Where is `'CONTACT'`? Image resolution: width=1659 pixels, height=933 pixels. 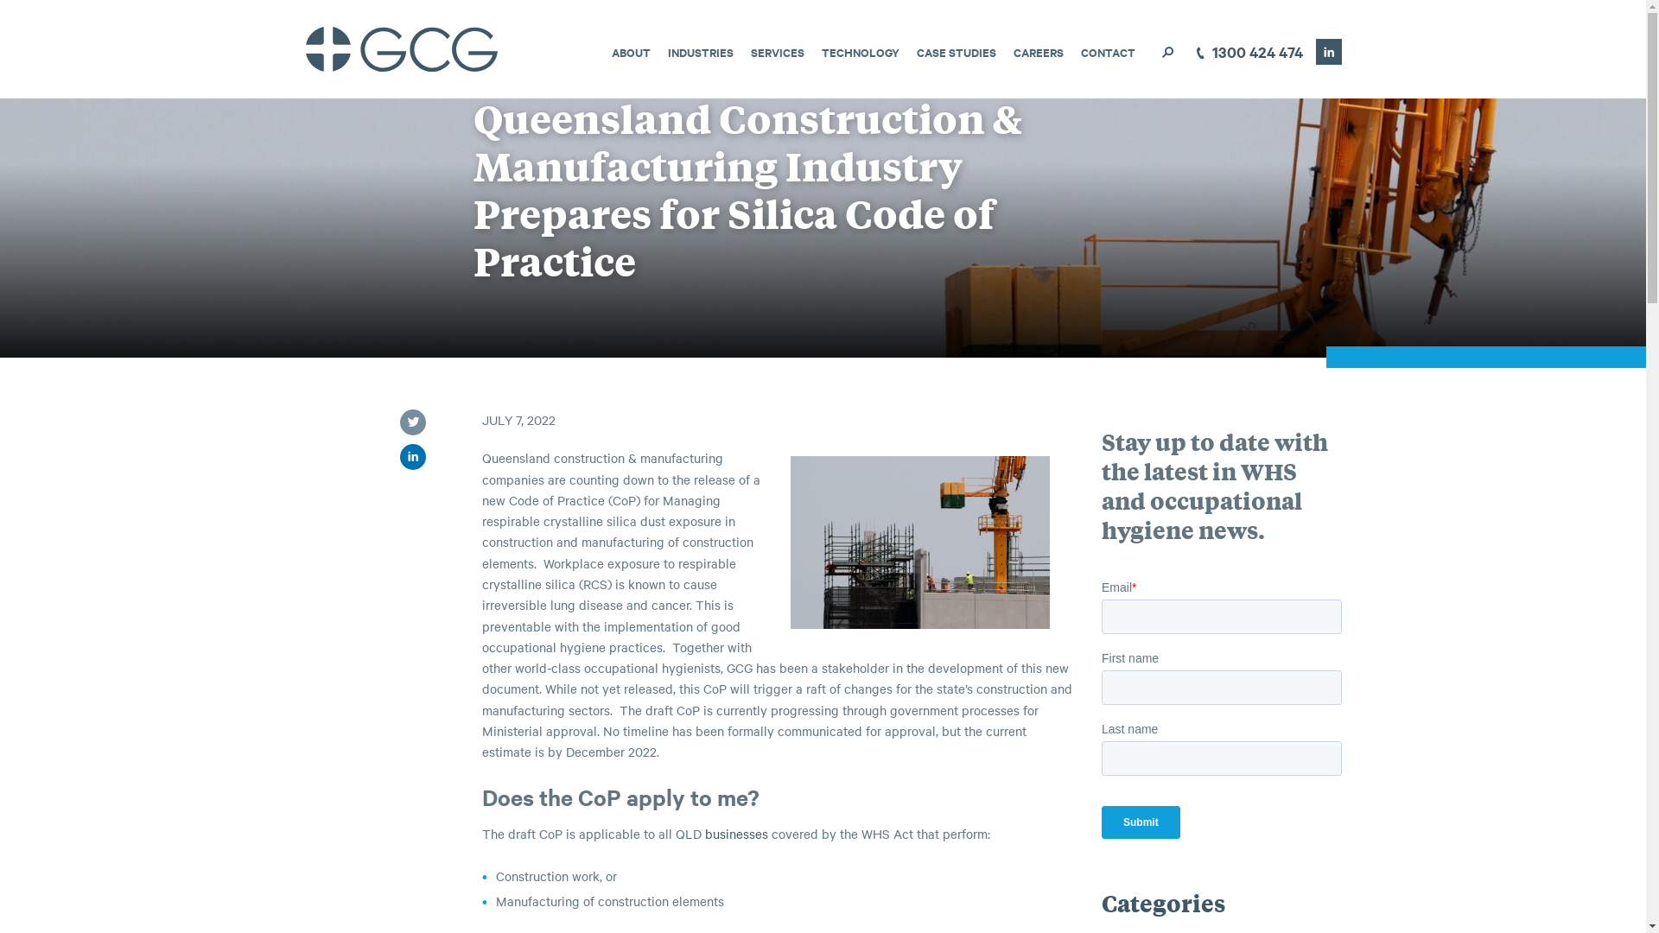 'CONTACT' is located at coordinates (1107, 51).